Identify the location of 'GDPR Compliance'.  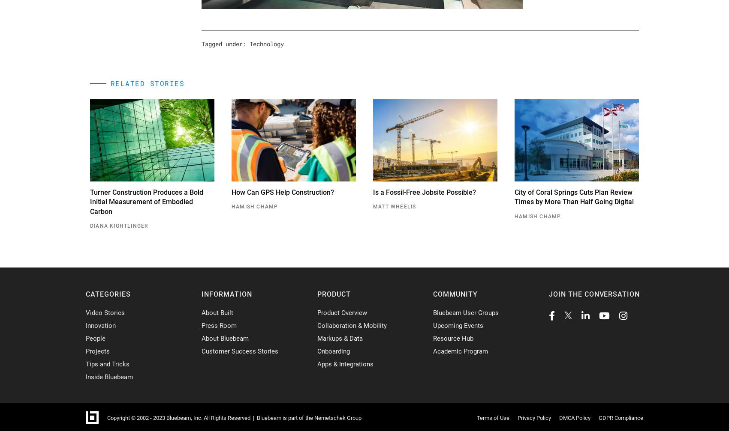
(621, 417).